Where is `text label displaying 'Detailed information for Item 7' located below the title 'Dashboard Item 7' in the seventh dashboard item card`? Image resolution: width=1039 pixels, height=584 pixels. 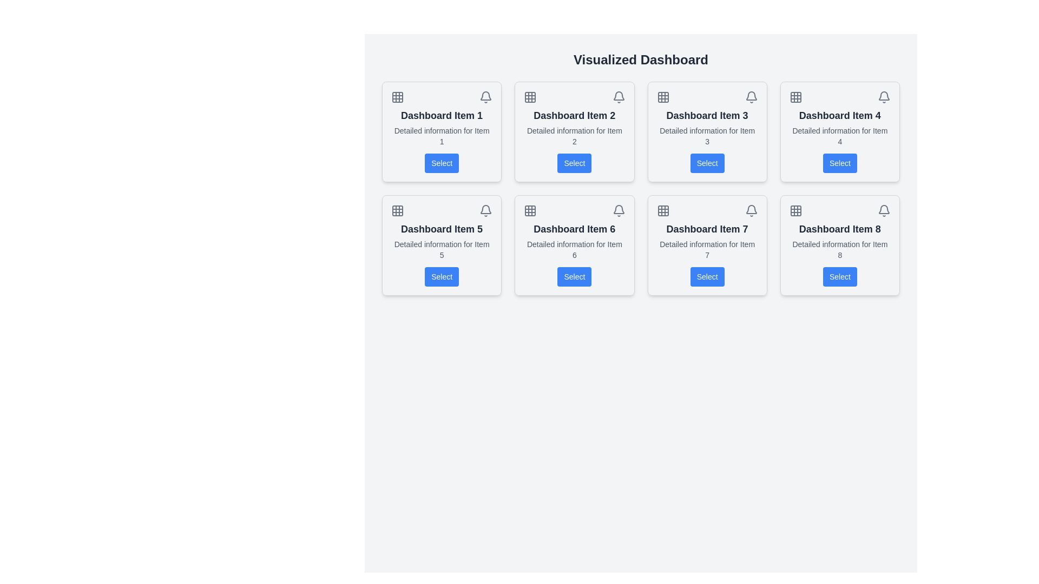 text label displaying 'Detailed information for Item 7' located below the title 'Dashboard Item 7' in the seventh dashboard item card is located at coordinates (707, 250).